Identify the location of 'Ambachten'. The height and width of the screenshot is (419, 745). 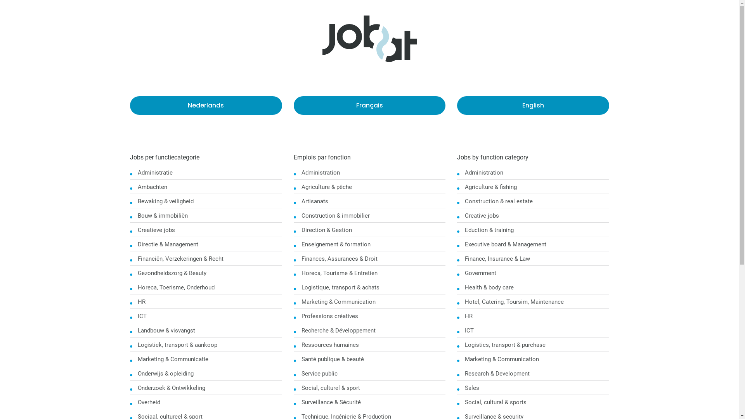
(152, 187).